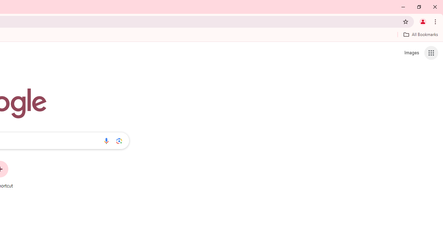 The width and height of the screenshot is (443, 249). Describe the element at coordinates (106, 140) in the screenshot. I see `'Search by voice'` at that location.